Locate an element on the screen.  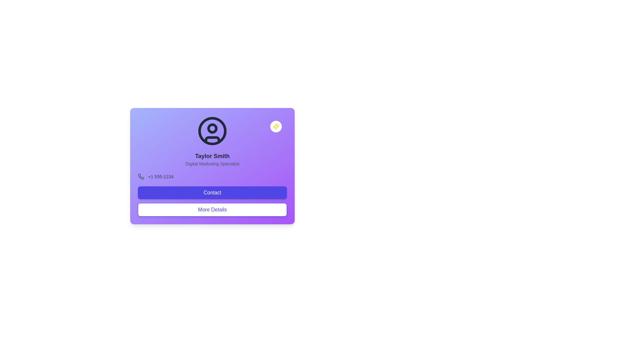
the SVG Circle element representing the user profile of 'Taylor Smith', which is centered at the top middle of the card interface is located at coordinates (212, 131).